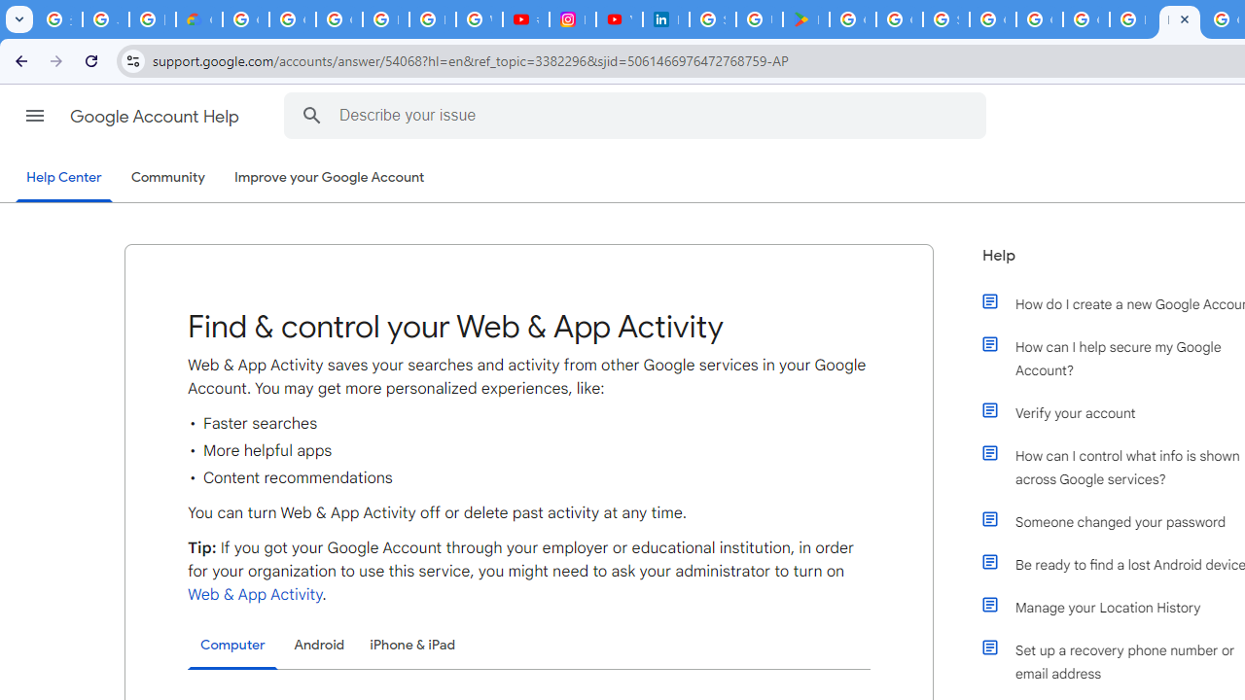 This screenshot has width=1245, height=700. I want to click on 'Community', so click(167, 178).